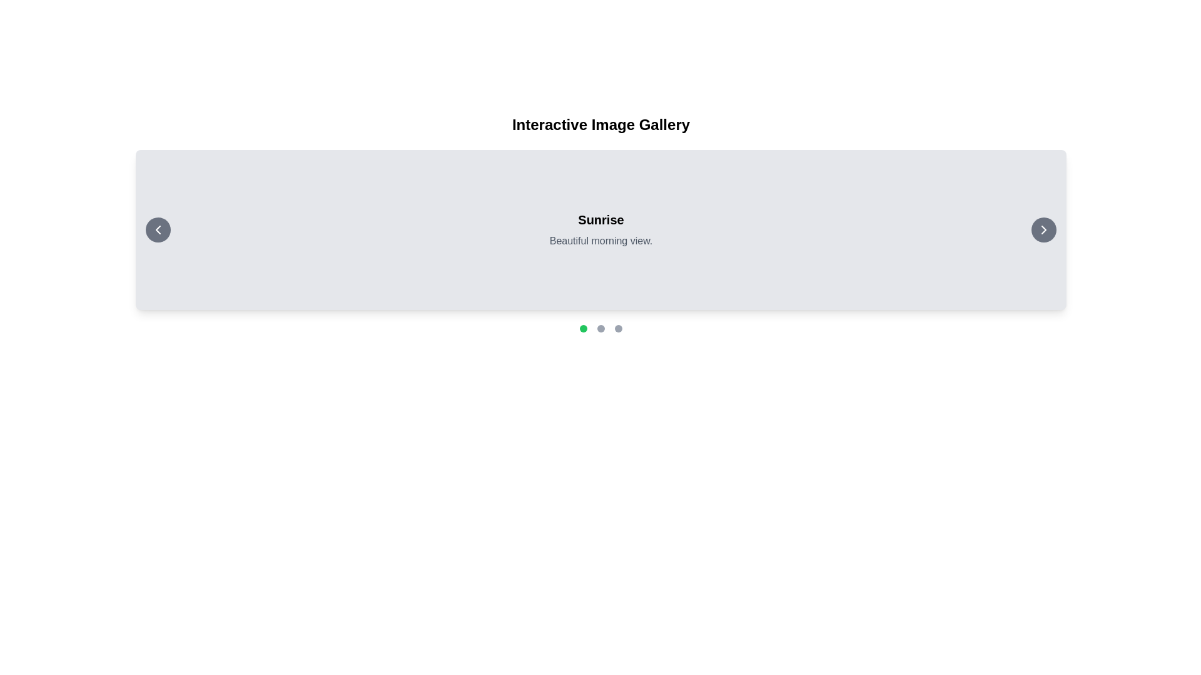  Describe the element at coordinates (582, 327) in the screenshot. I see `the first circular indicator in the sequence located near the bottom of the interface` at that location.